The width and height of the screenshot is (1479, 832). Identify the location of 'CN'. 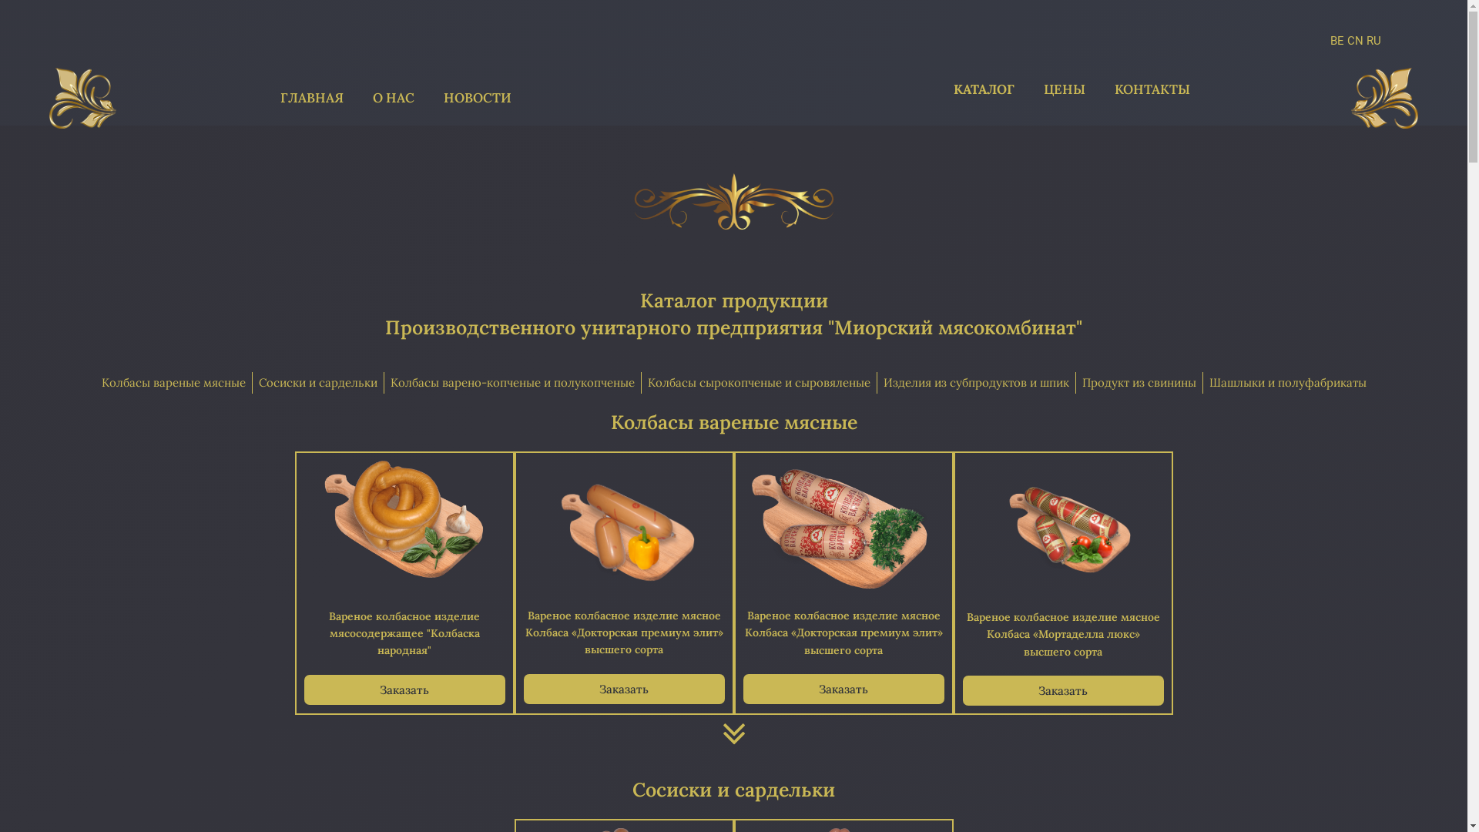
(1354, 40).